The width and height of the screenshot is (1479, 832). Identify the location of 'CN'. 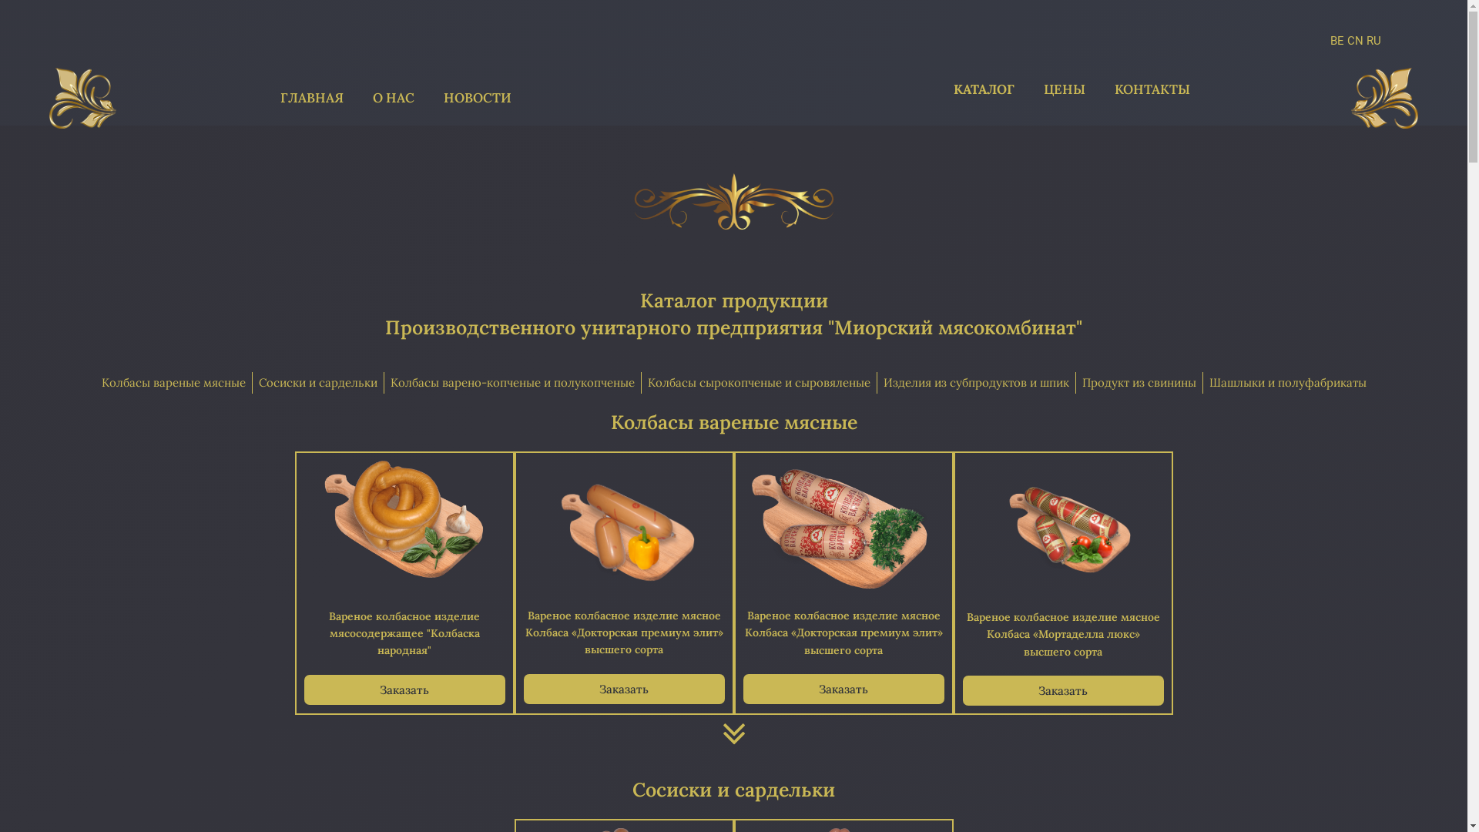
(1354, 40).